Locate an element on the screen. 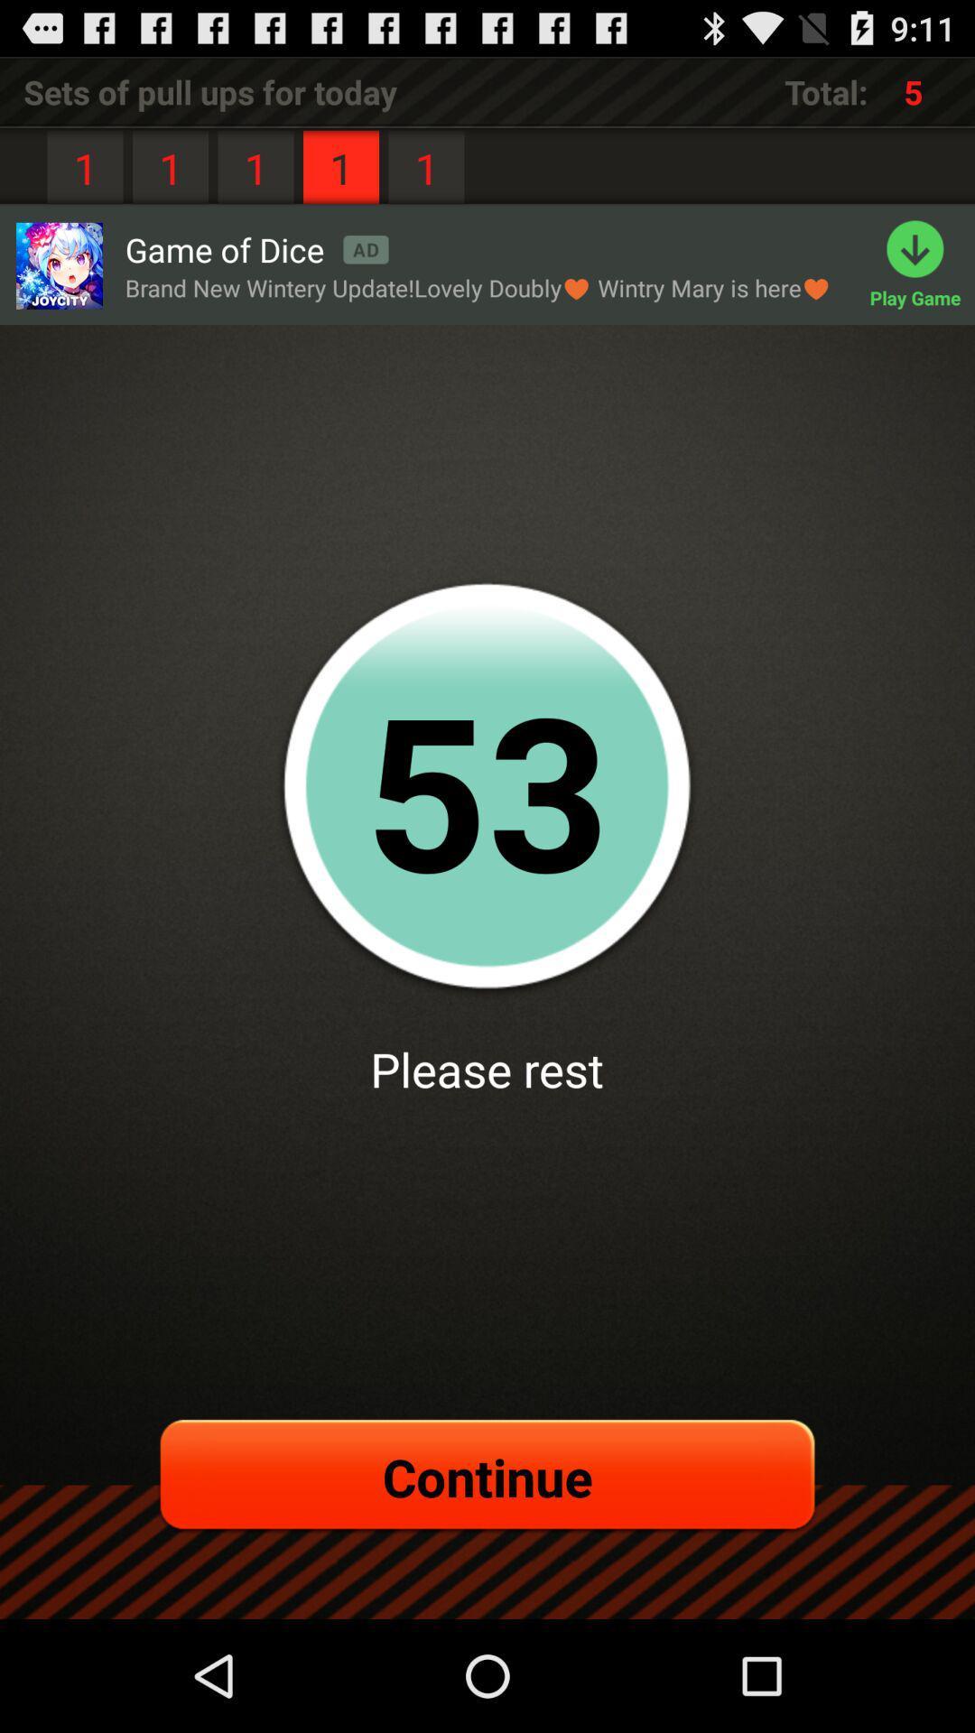  the icon below 1 is located at coordinates (58, 264).